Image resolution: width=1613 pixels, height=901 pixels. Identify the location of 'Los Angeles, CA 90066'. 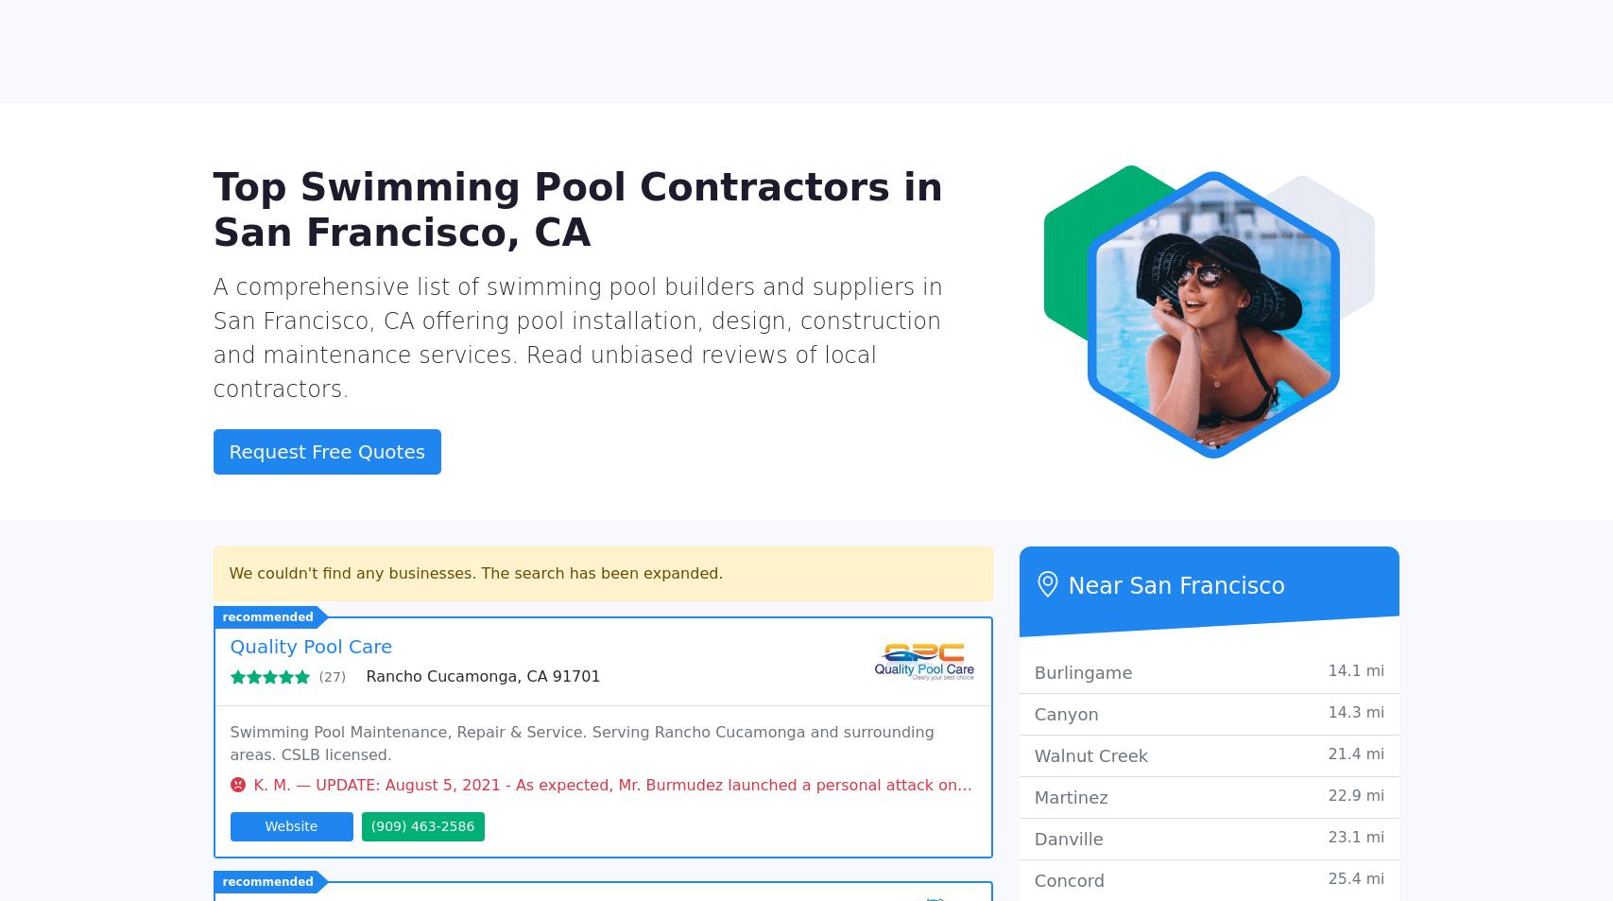
(415, 716).